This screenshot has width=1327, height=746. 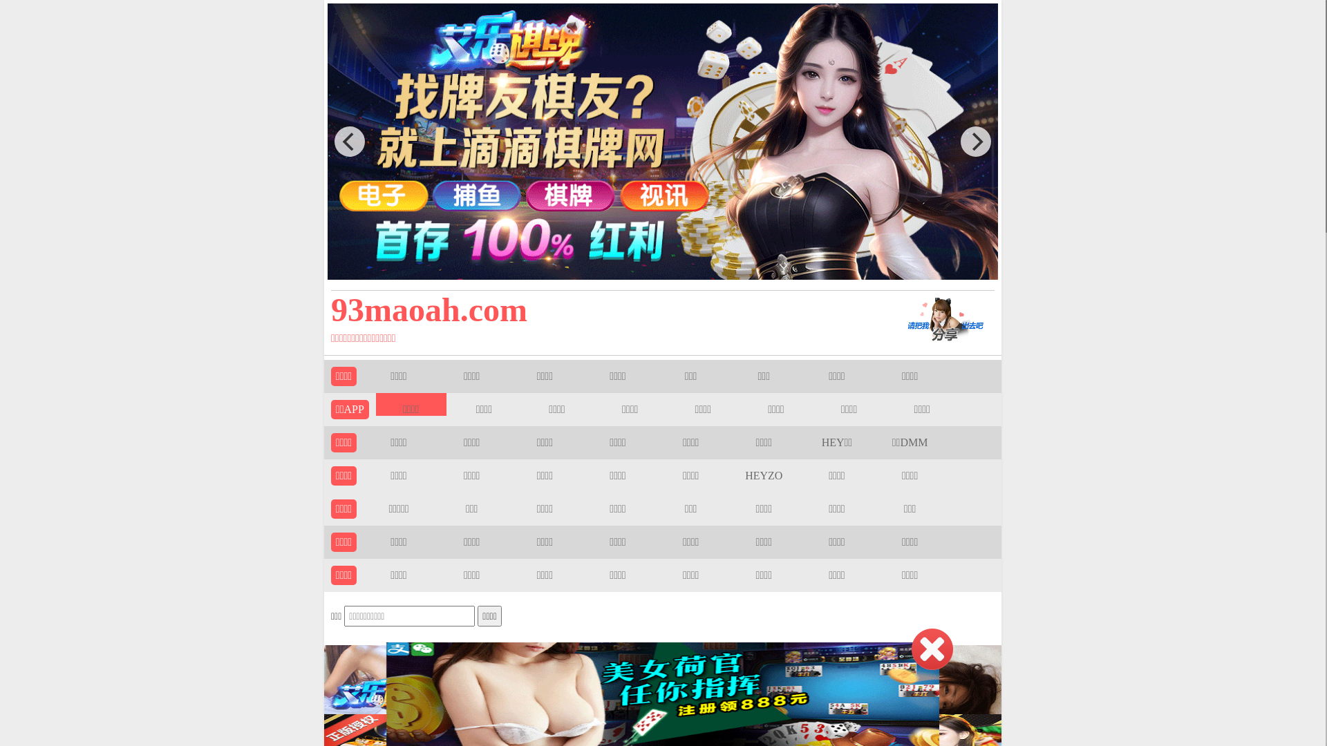 I want to click on 'HEYZO', so click(x=762, y=475).